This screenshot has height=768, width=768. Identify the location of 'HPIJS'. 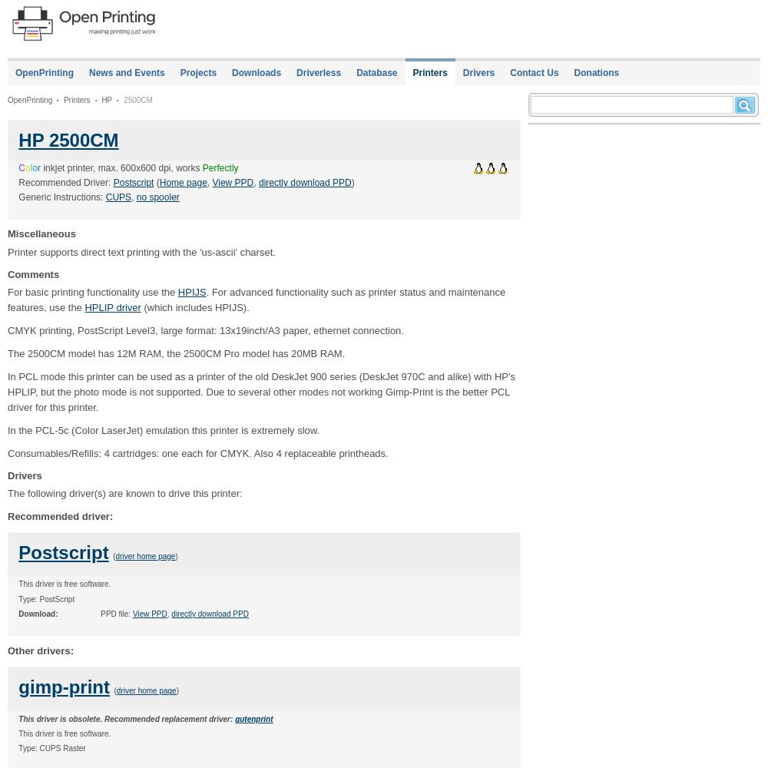
(177, 291).